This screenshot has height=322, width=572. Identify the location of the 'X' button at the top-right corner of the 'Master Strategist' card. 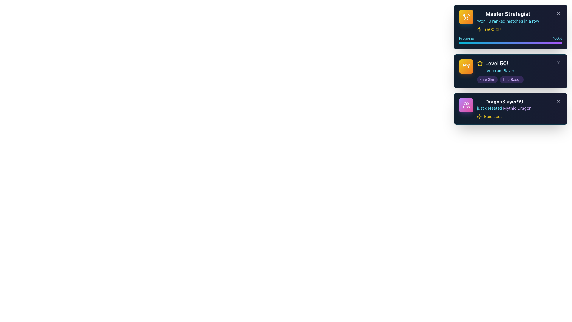
(558, 13).